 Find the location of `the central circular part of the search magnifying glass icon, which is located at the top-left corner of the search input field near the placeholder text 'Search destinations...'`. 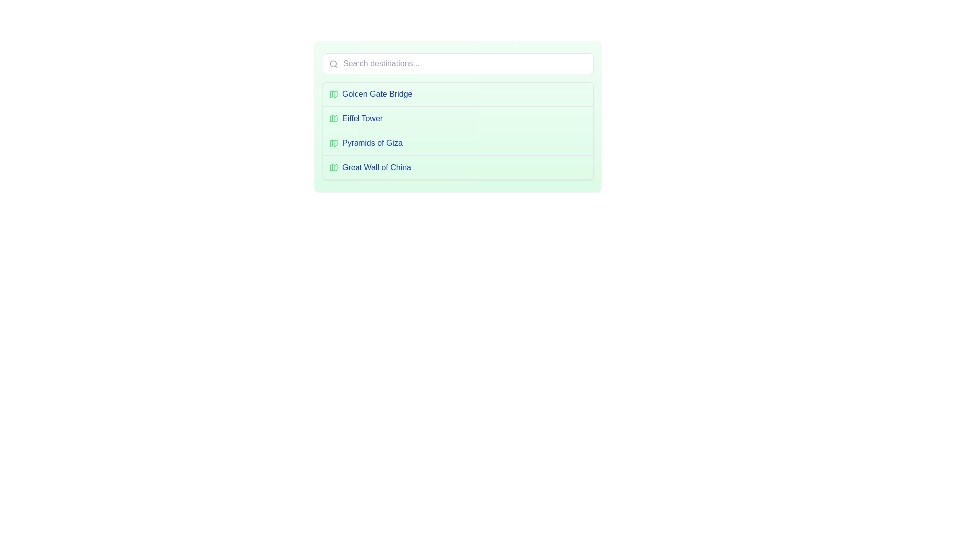

the central circular part of the search magnifying glass icon, which is located at the top-left corner of the search input field near the placeholder text 'Search destinations...' is located at coordinates (333, 64).